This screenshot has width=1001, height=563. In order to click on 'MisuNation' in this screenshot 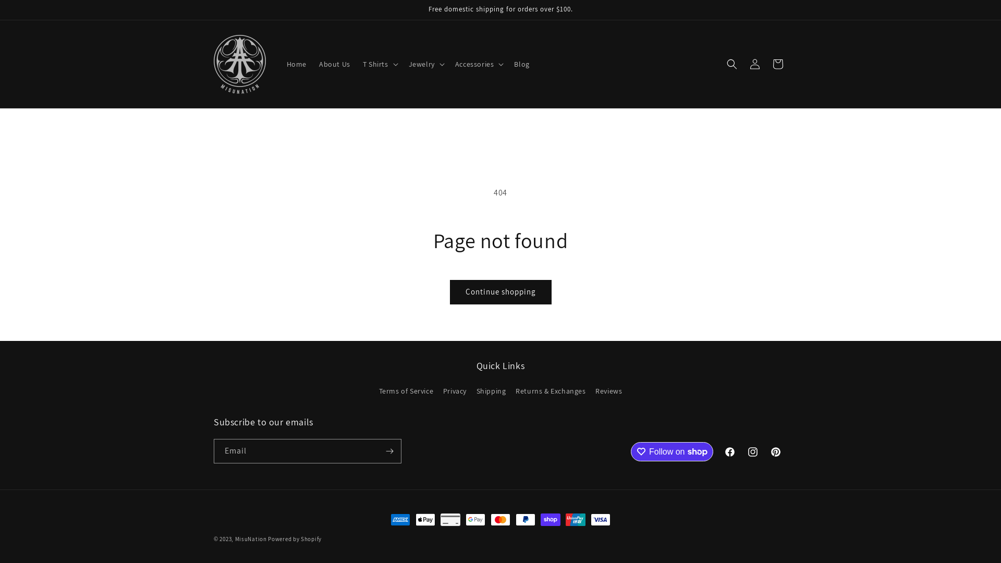, I will do `click(251, 538)`.